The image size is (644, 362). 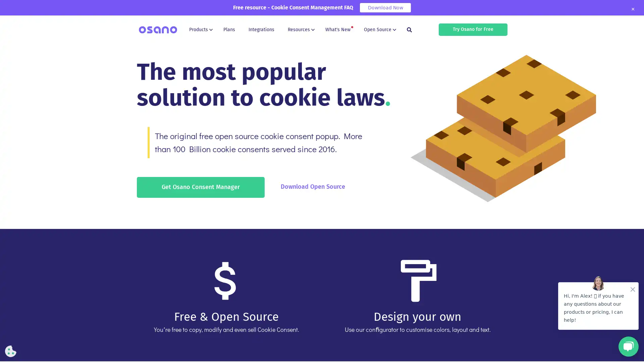 What do you see at coordinates (11, 351) in the screenshot?
I see `Cookie Preferences` at bounding box center [11, 351].